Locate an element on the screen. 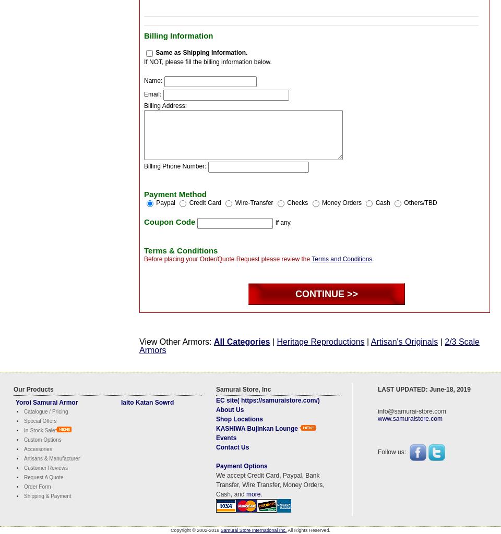 This screenshot has height=534, width=501. 'Our Products' is located at coordinates (33, 388).